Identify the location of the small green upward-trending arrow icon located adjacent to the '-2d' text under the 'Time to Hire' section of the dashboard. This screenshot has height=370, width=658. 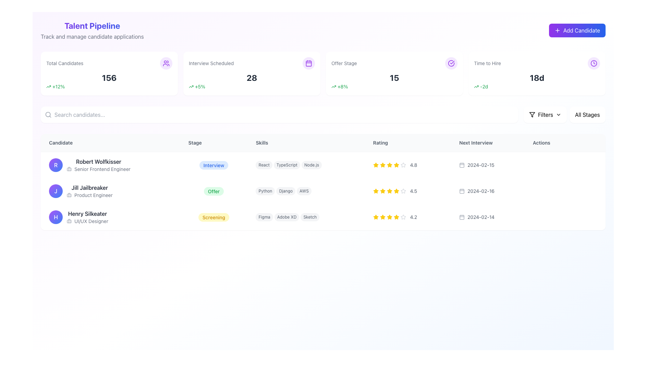
(476, 86).